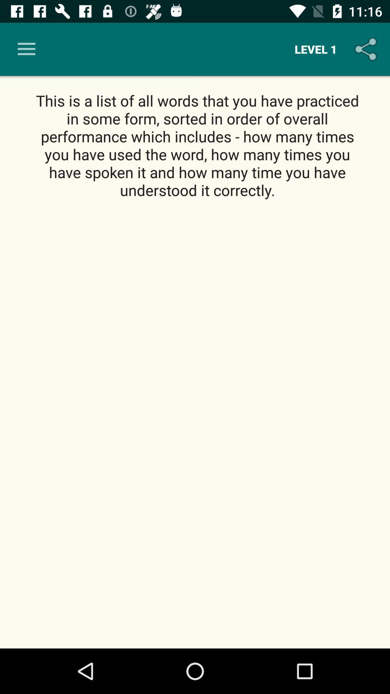  What do you see at coordinates (26, 49) in the screenshot?
I see `the item next to level 1 icon` at bounding box center [26, 49].